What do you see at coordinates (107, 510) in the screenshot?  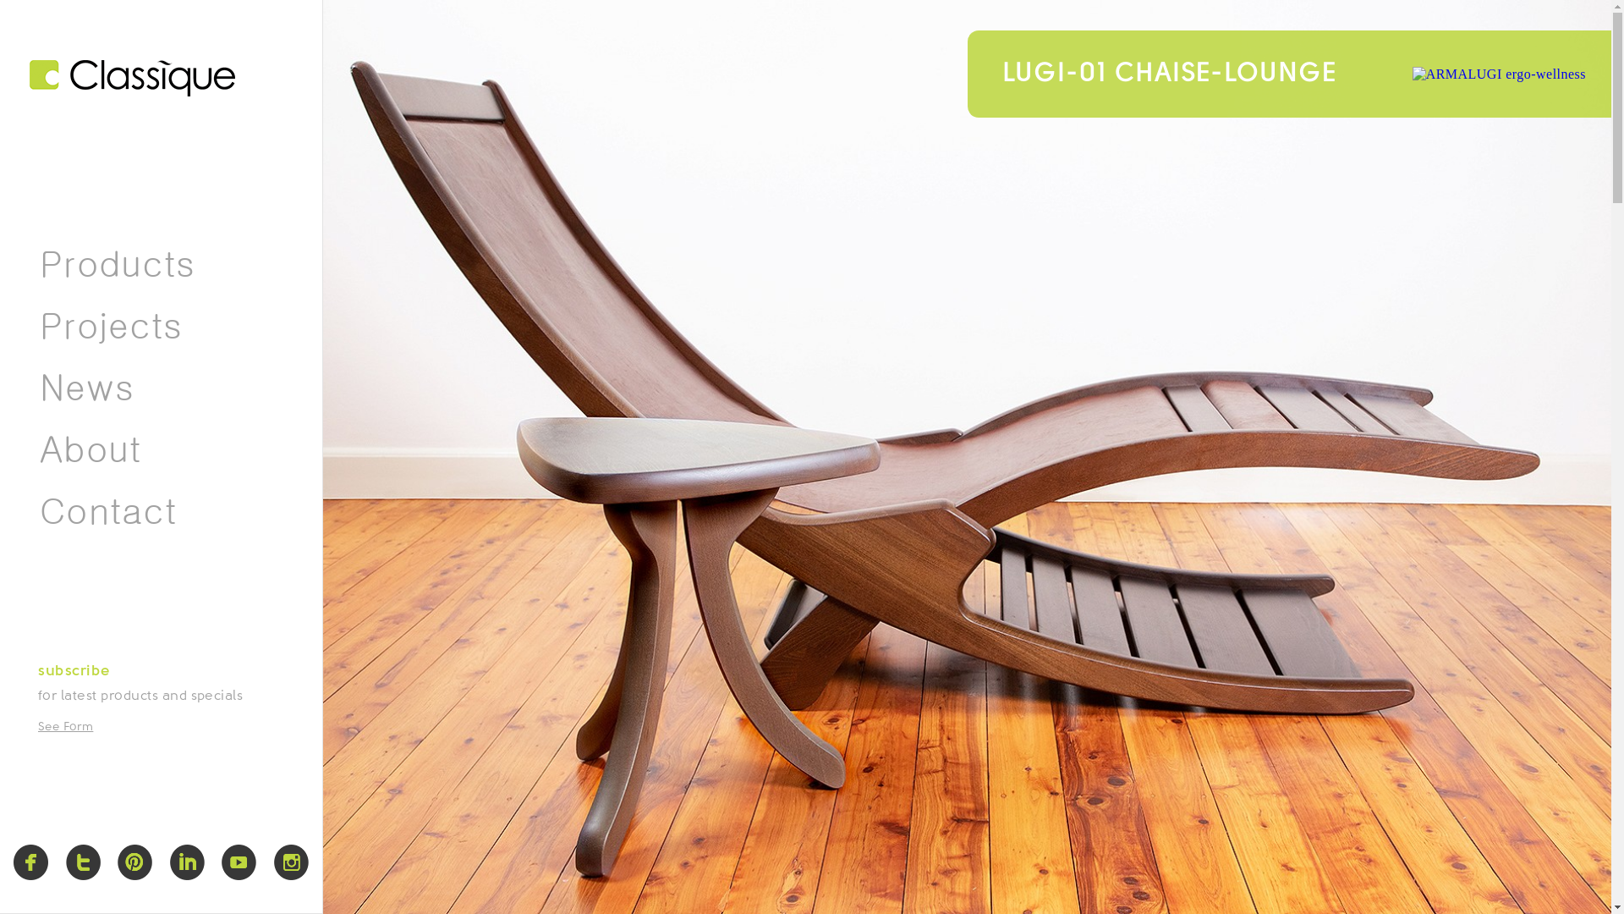 I see `'Contact'` at bounding box center [107, 510].